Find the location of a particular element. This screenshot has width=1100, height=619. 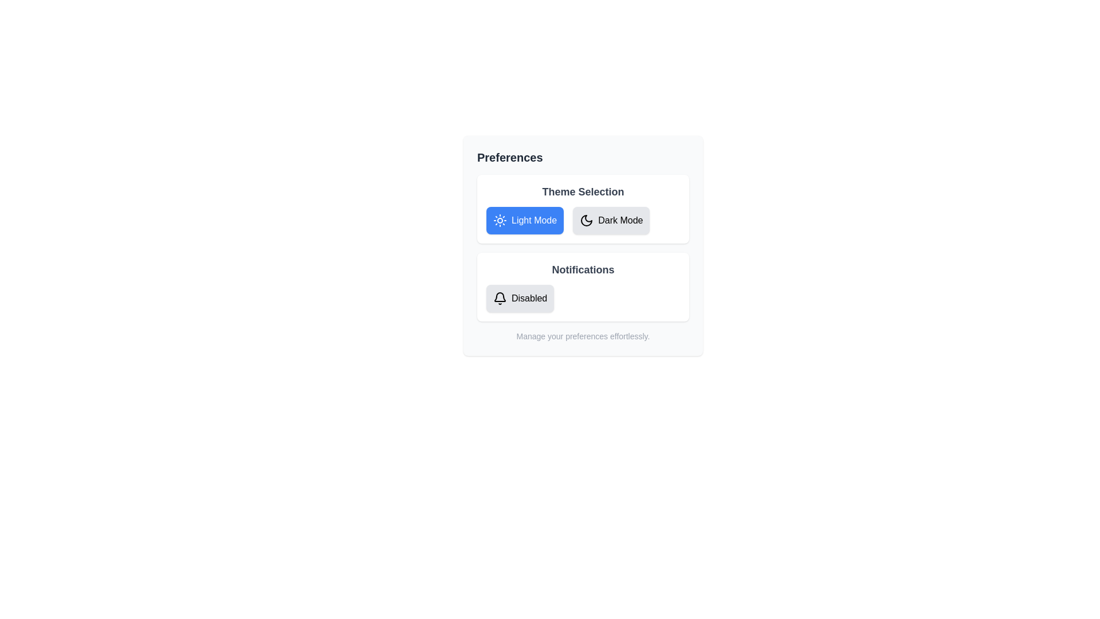

text of the 'Light Mode' label, which is styled with a blue background and white text, indicating its active state is located at coordinates (533, 221).